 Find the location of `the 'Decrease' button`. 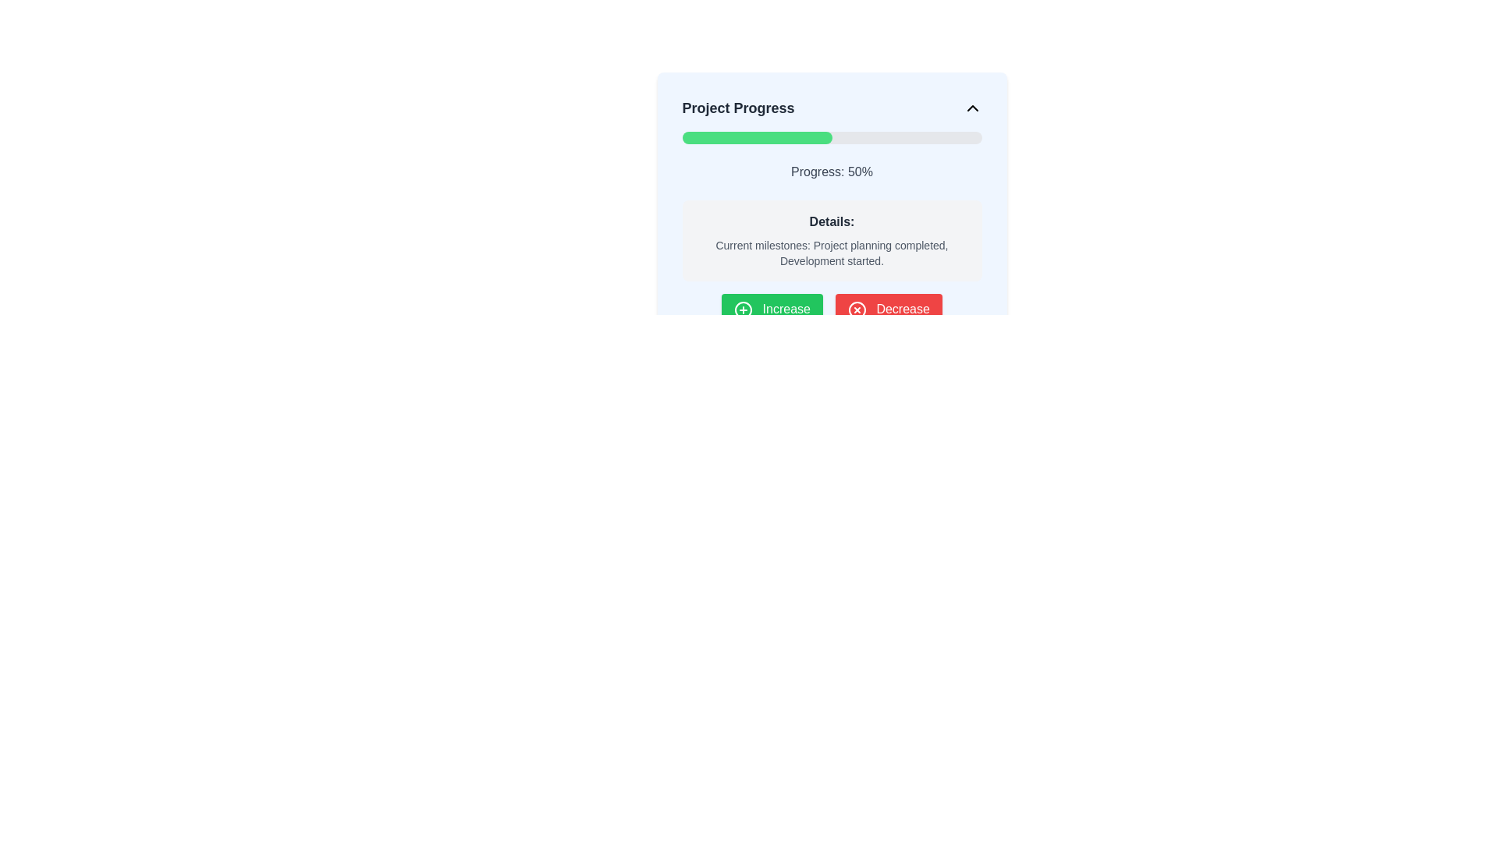

the 'Decrease' button is located at coordinates (889, 310).